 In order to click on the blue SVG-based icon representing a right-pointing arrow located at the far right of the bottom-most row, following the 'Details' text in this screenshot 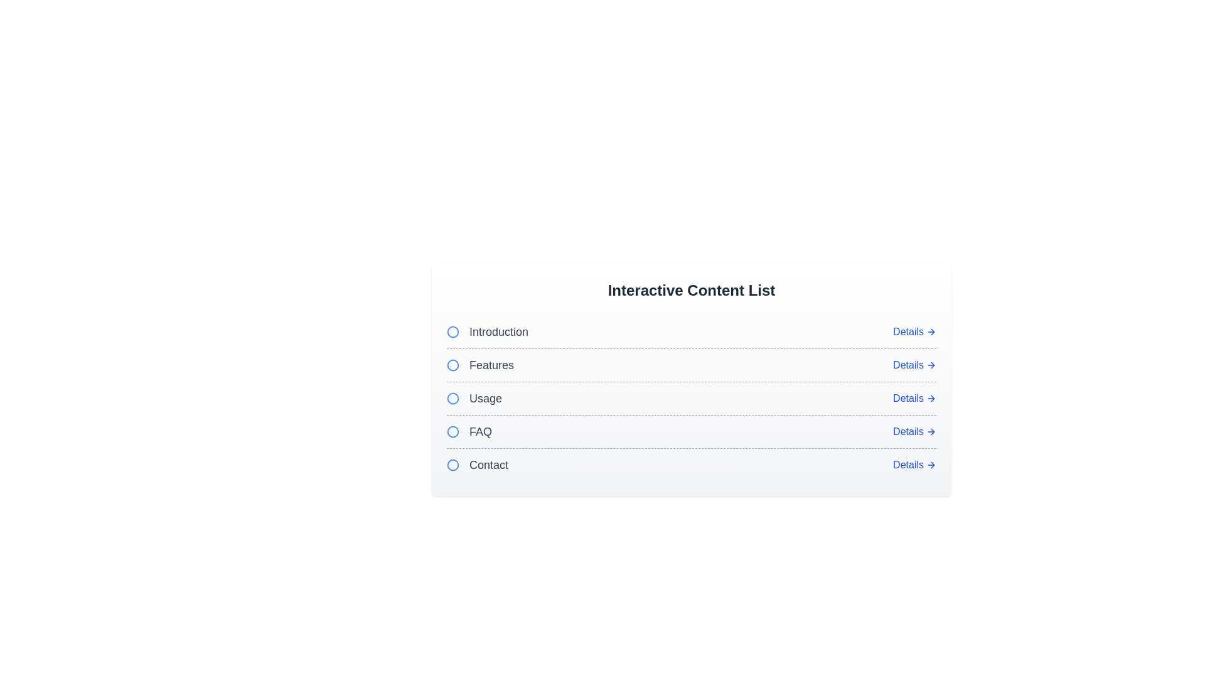, I will do `click(931, 465)`.